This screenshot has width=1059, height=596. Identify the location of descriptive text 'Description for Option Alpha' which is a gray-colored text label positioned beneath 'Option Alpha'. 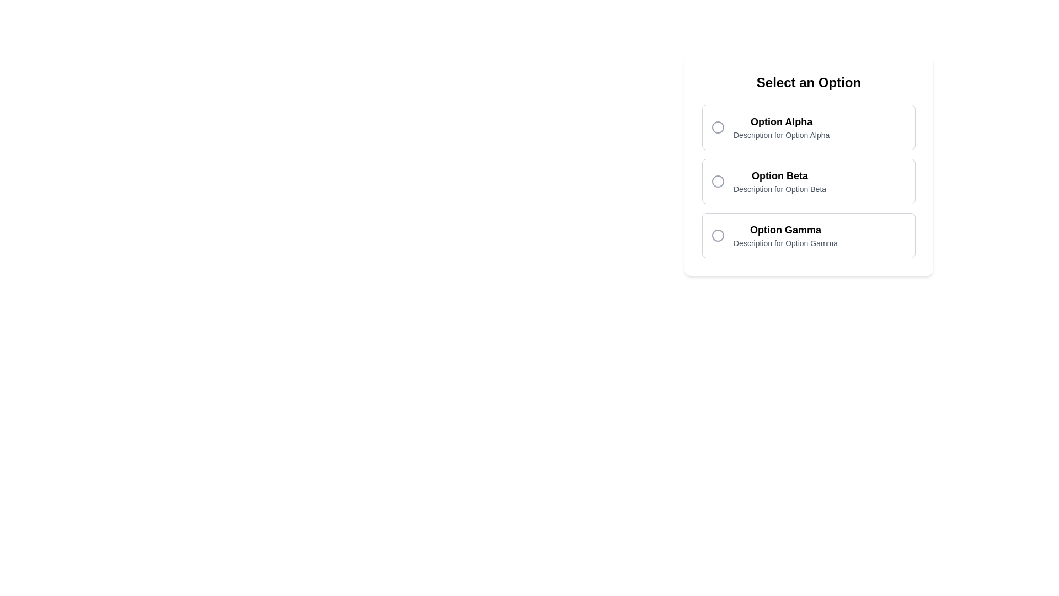
(781, 135).